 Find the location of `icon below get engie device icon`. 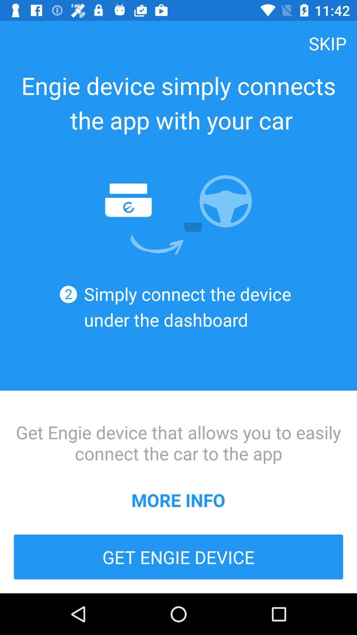

icon below get engie device icon is located at coordinates (178, 500).